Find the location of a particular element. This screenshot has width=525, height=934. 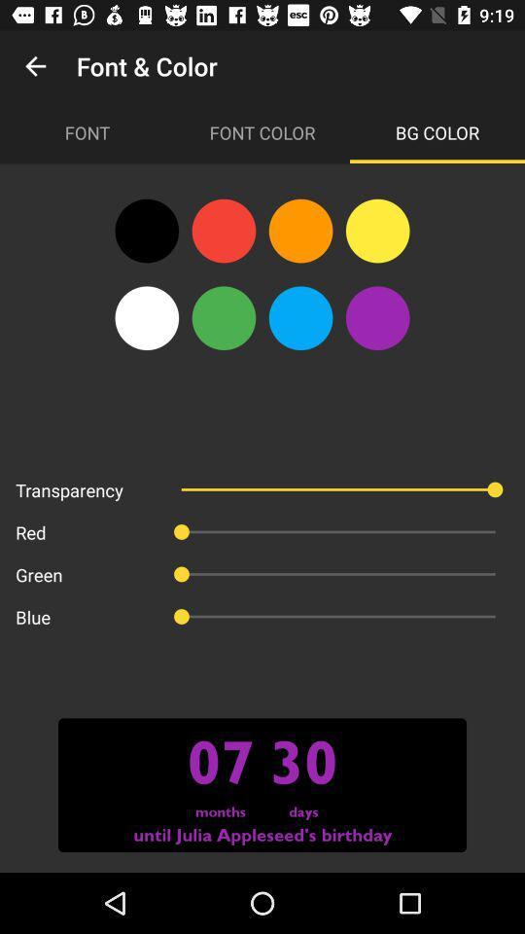

the icon next to font color is located at coordinates (437, 131).